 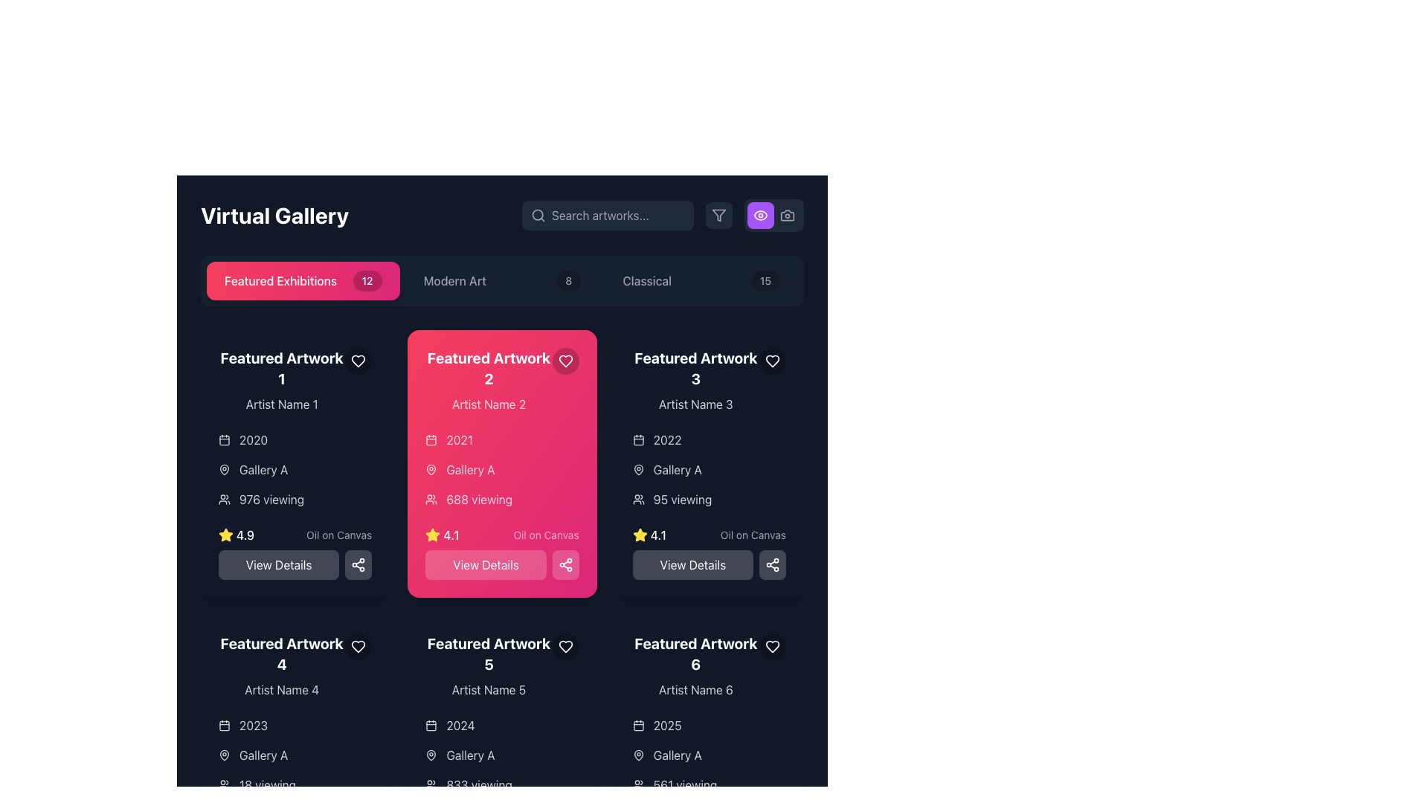 I want to click on title displayed in the text label located in the upper section of the artwork card, directly above the smaller text 'Artist Name 1', so click(x=282, y=368).